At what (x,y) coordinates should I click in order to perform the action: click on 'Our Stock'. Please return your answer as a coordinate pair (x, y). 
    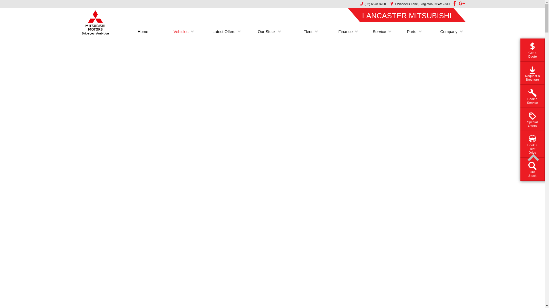
    Looking at the image, I should click on (266, 32).